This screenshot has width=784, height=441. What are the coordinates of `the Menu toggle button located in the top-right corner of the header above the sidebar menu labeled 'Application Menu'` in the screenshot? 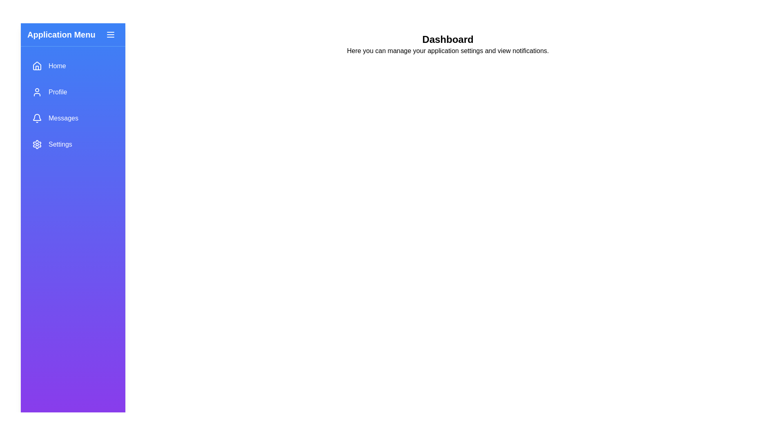 It's located at (110, 34).